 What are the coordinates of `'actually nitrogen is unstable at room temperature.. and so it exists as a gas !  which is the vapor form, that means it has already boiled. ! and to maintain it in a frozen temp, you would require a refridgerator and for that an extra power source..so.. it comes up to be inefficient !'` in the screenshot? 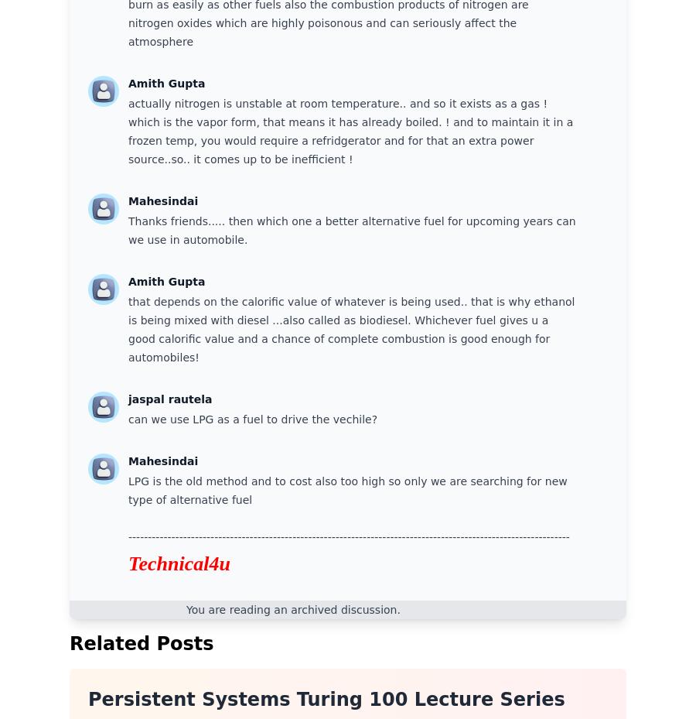 It's located at (128, 132).